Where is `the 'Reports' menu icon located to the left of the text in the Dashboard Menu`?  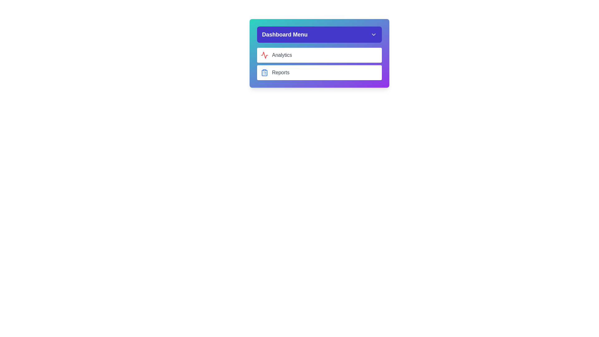
the 'Reports' menu icon located to the left of the text in the Dashboard Menu is located at coordinates (265, 72).